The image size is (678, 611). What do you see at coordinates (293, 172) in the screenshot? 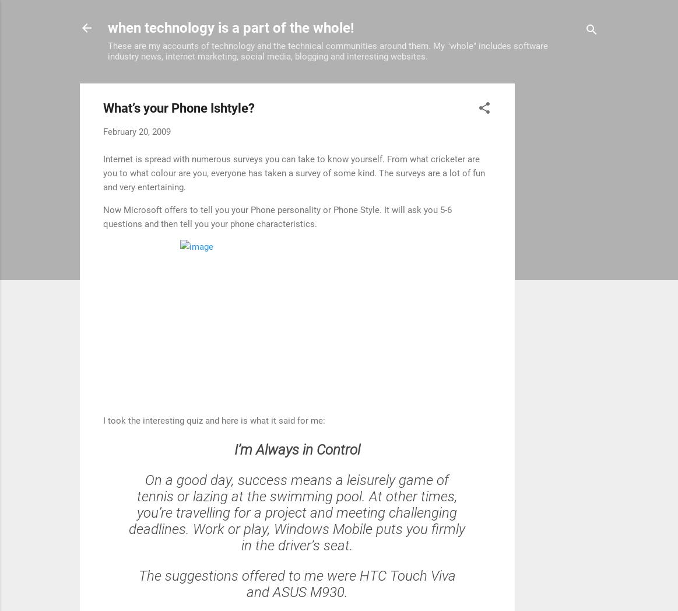
I see `'Internet is spread with numerous surveys you can take to know yourself. From what cricketer are you to what colour are you, everyone has taken a survey of some kind. The surveys are a lot of fun and very entertaining.'` at bounding box center [293, 172].